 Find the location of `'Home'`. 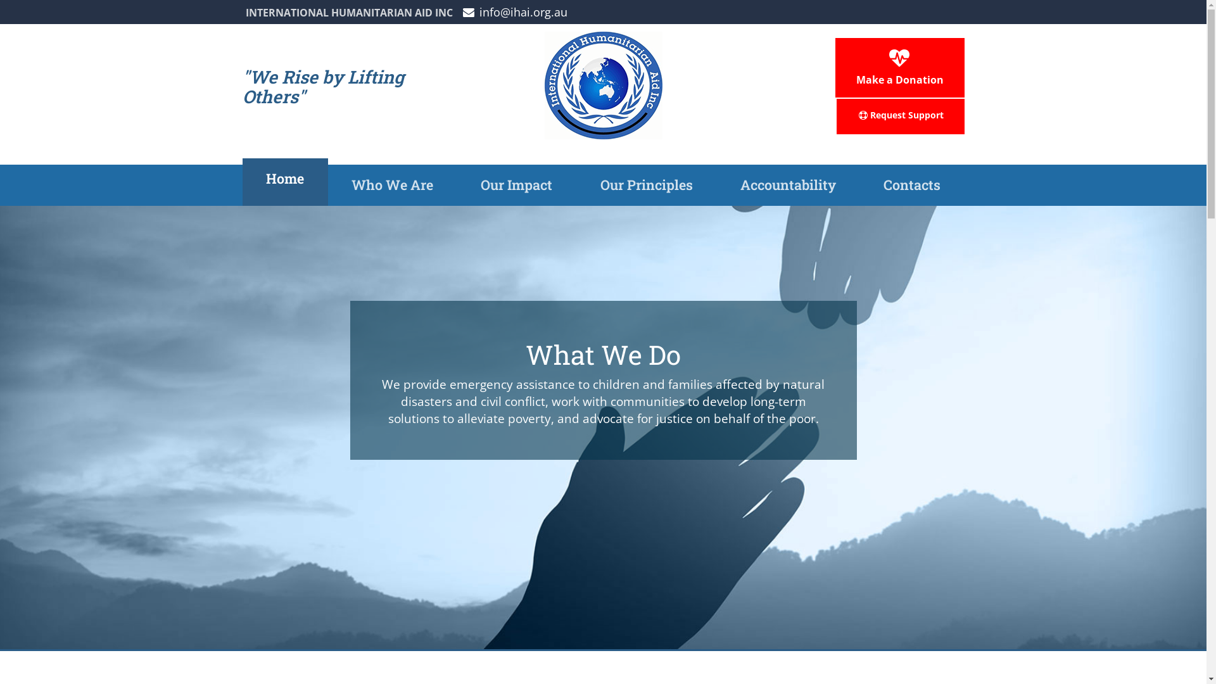

'Home' is located at coordinates (242, 182).